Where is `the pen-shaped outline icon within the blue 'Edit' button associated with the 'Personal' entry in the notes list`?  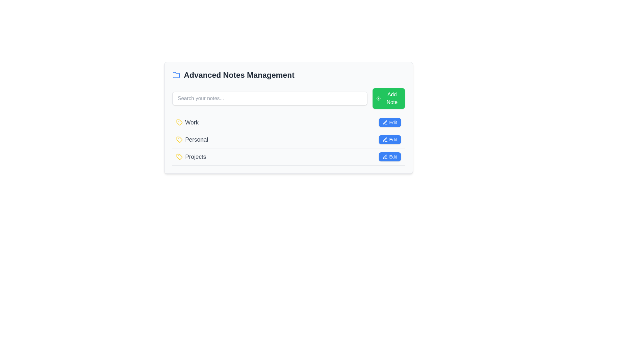 the pen-shaped outline icon within the blue 'Edit' button associated with the 'Personal' entry in the notes list is located at coordinates (385, 139).